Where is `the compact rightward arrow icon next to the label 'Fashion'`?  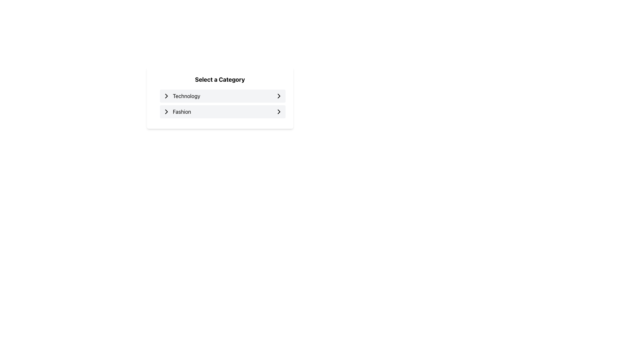 the compact rightward arrow icon next to the label 'Fashion' is located at coordinates (166, 111).